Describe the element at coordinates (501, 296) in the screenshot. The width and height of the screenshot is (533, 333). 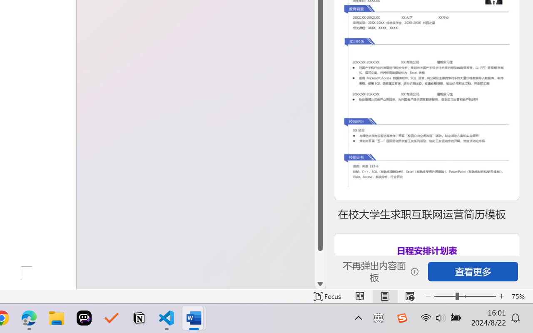
I see `'Zoom In'` at that location.